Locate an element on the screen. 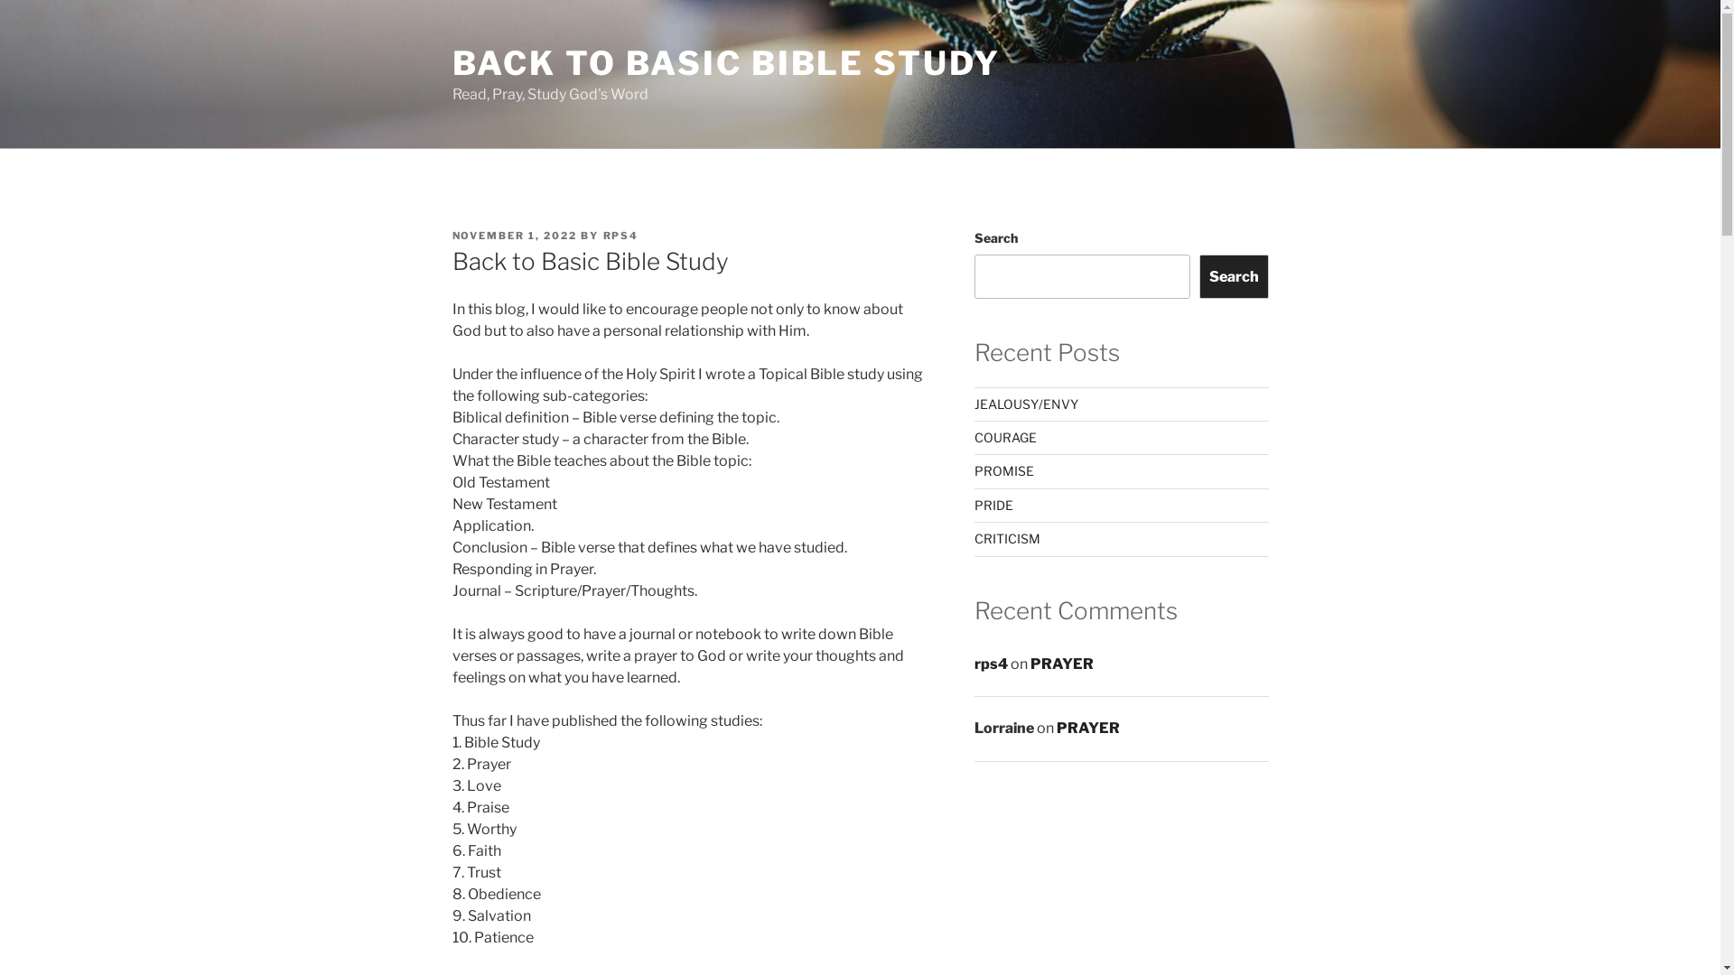 This screenshot has width=1734, height=975. 'BACK TO BASIC BIBLE STUDY' is located at coordinates (725, 61).